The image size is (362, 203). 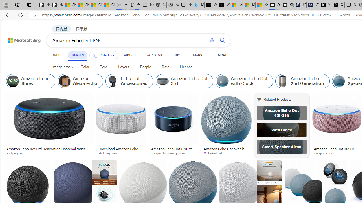 I want to click on 'License', so click(x=188, y=67).